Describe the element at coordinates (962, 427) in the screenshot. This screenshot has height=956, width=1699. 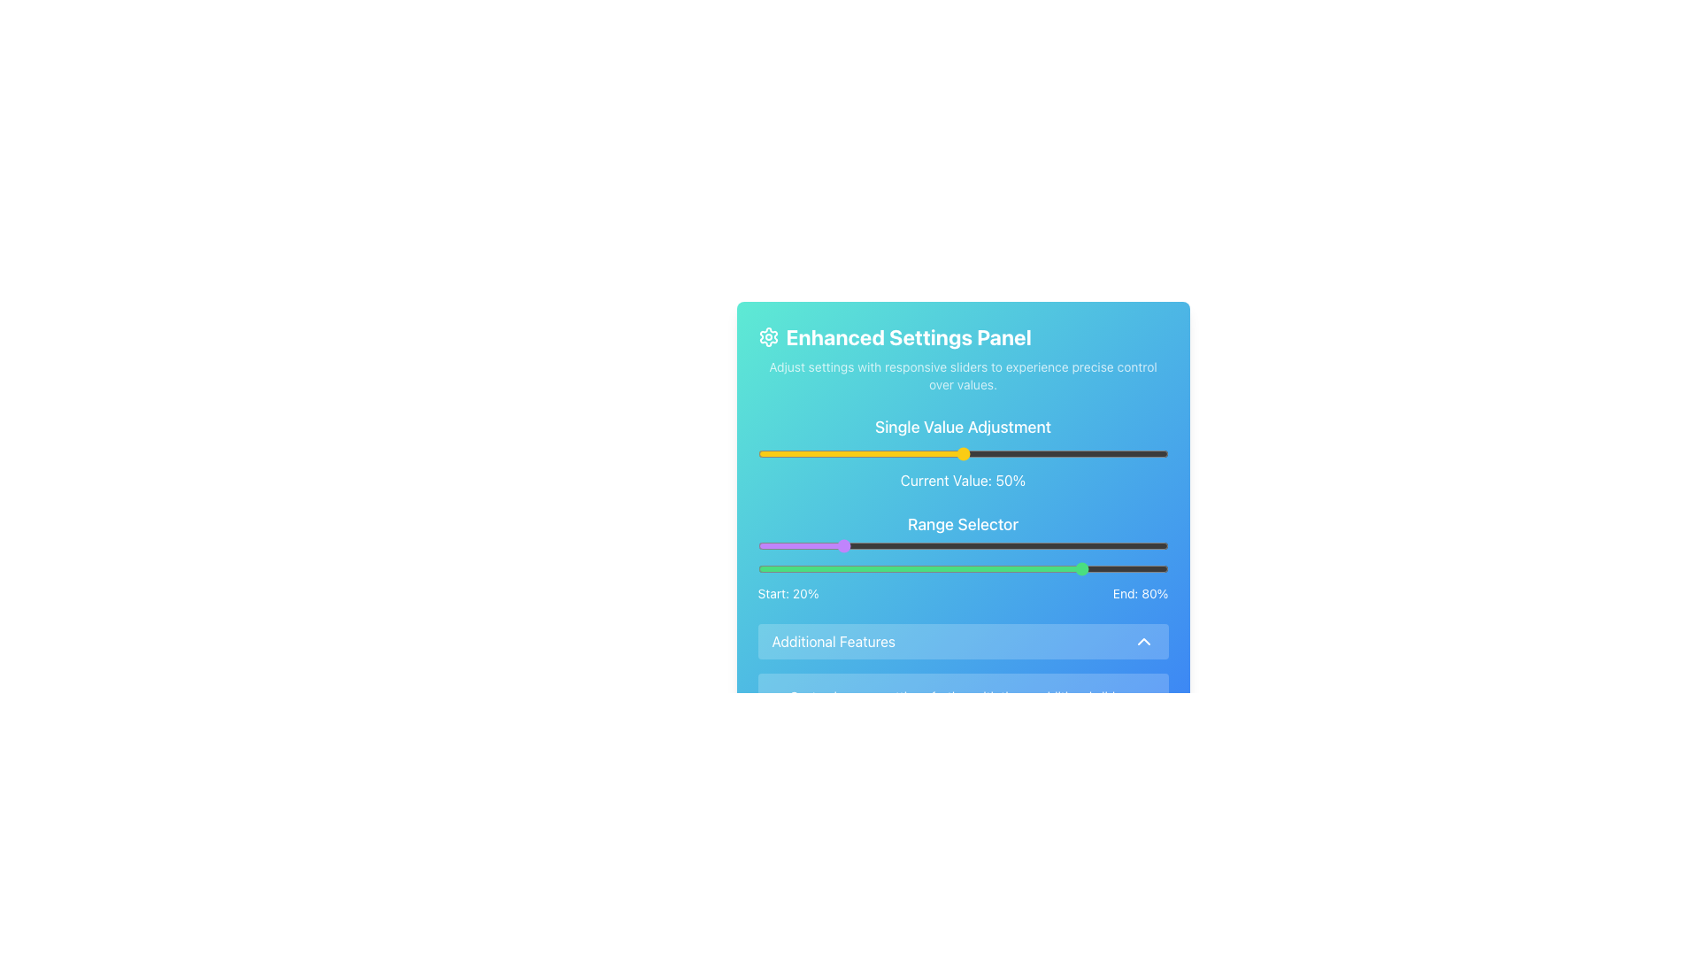
I see `text from the heading label which indicates the purpose of the controls below it` at that location.